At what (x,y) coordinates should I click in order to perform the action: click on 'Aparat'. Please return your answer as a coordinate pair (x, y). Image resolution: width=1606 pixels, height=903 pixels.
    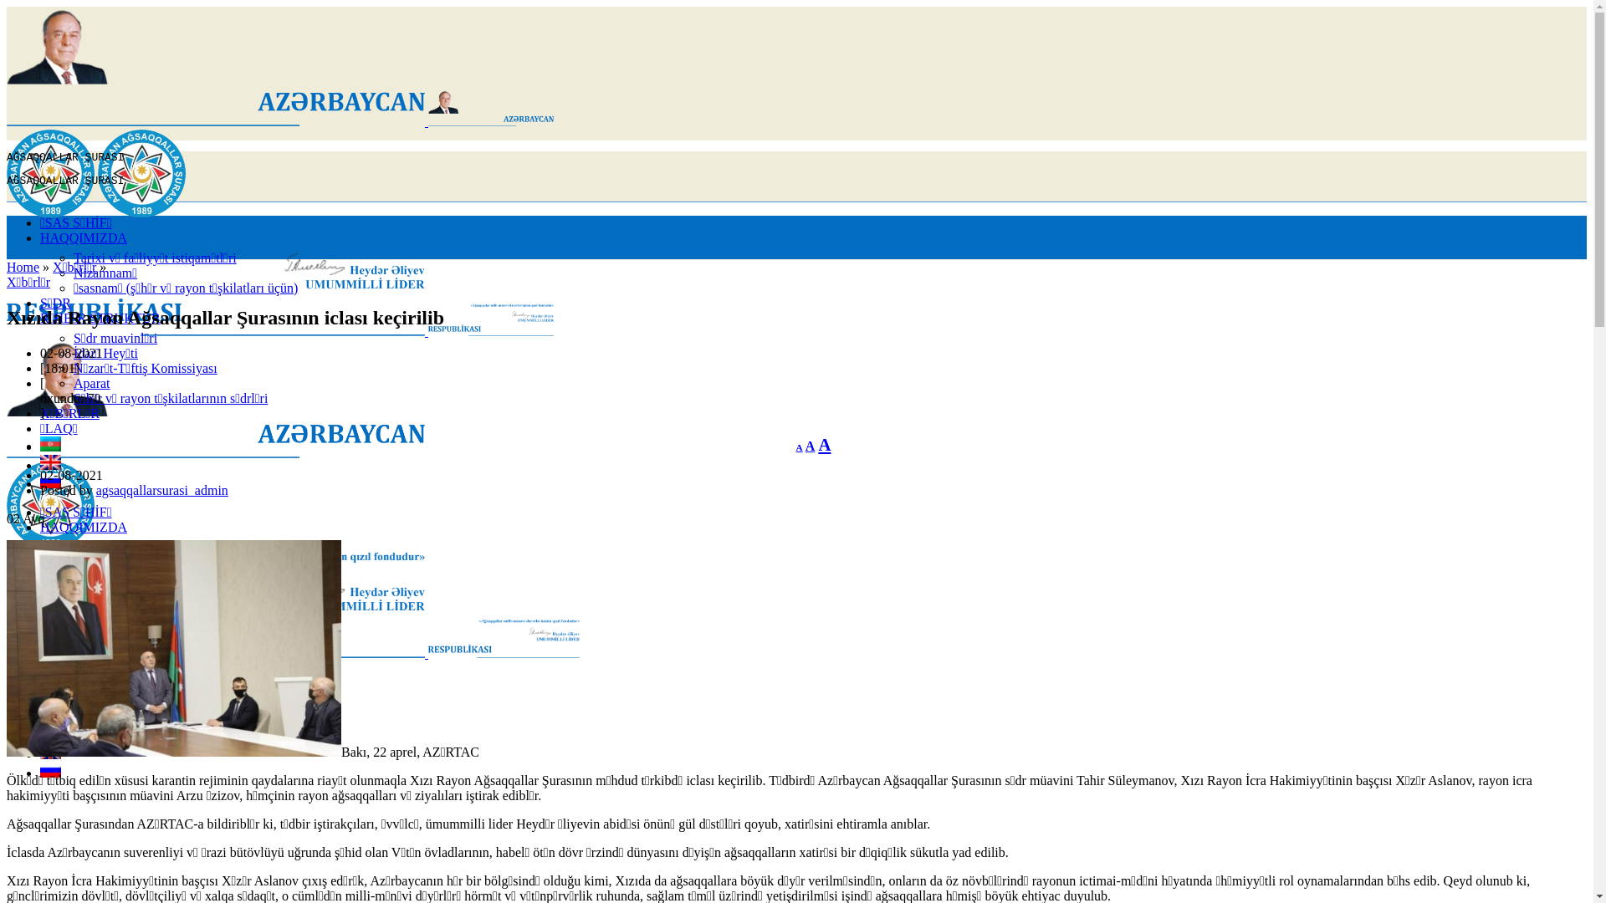
    Looking at the image, I should click on (72, 383).